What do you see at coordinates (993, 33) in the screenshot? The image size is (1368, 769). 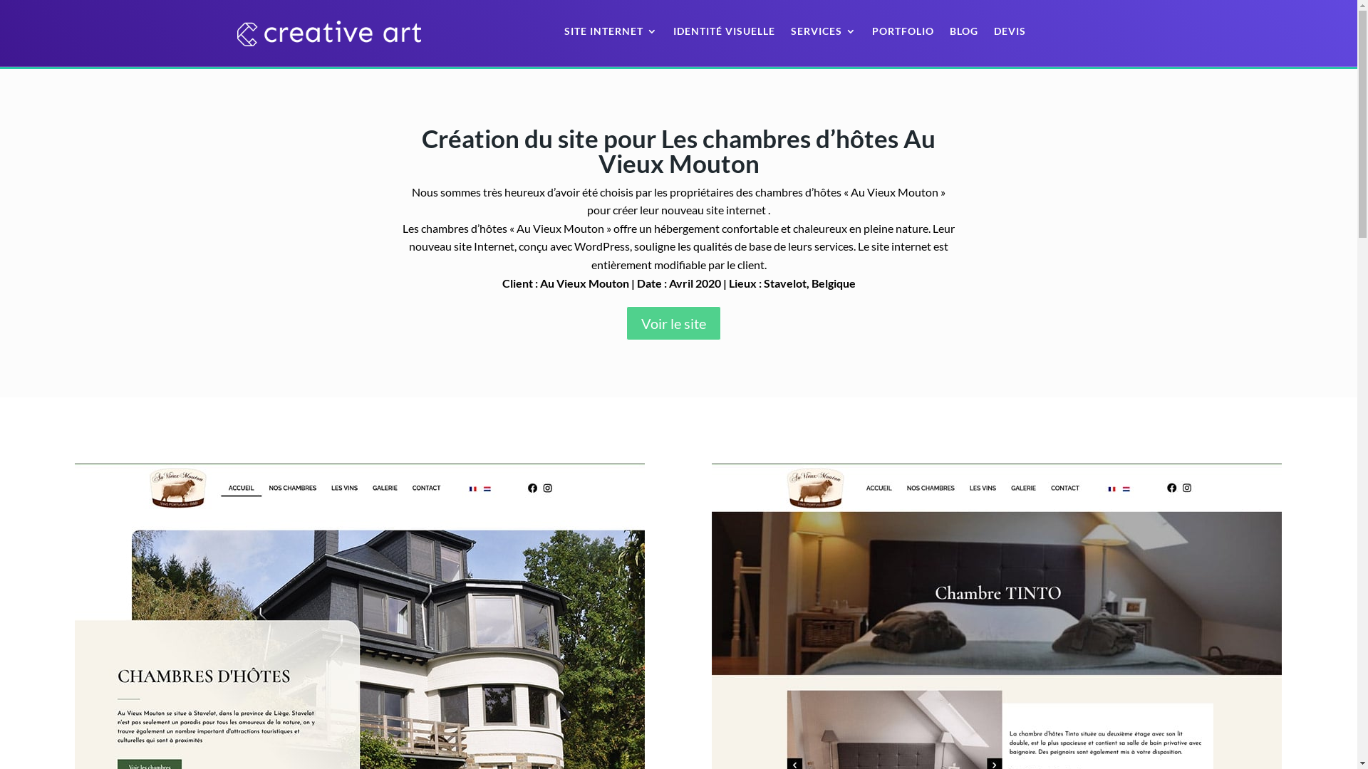 I see `'DEVIS'` at bounding box center [993, 33].